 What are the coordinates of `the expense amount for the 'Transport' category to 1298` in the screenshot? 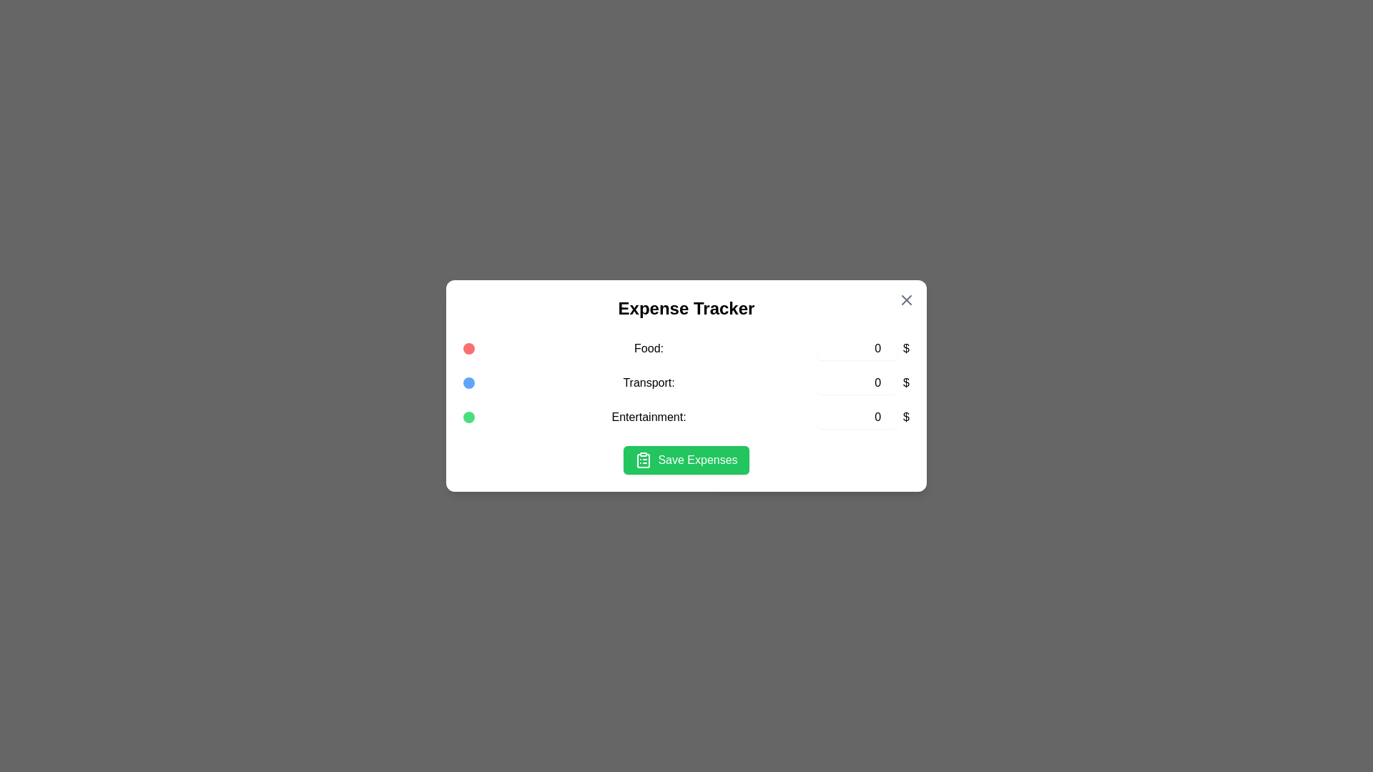 It's located at (857, 382).